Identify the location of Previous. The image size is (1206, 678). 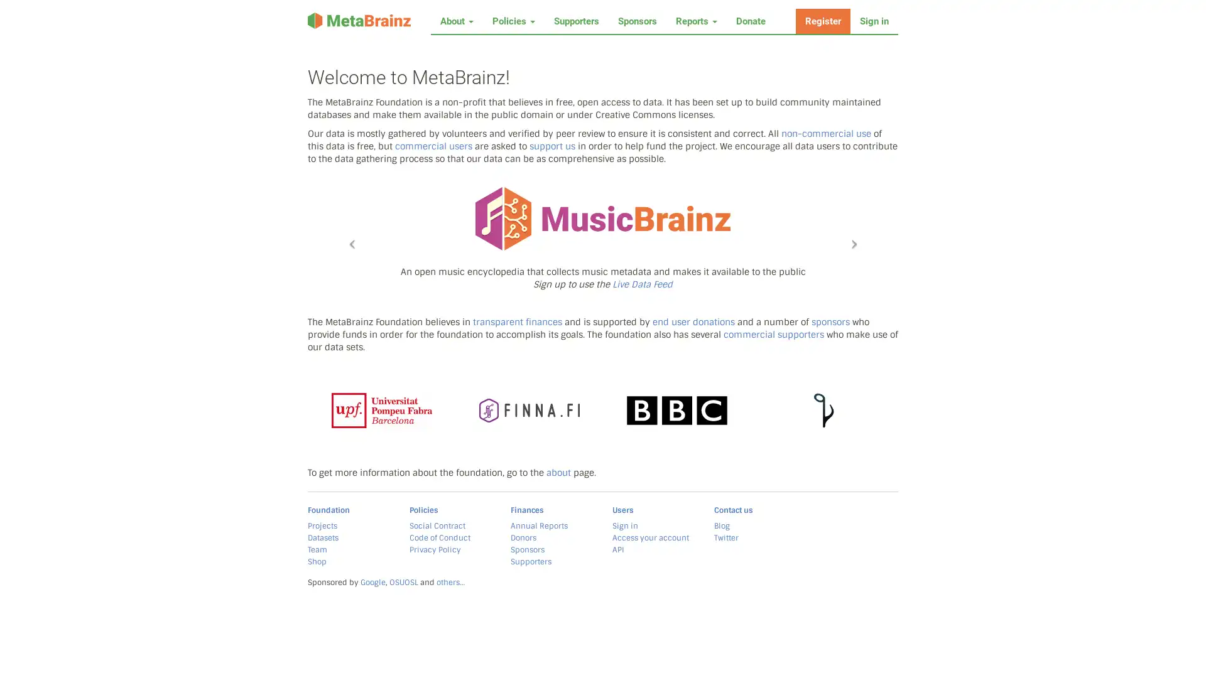
(352, 244).